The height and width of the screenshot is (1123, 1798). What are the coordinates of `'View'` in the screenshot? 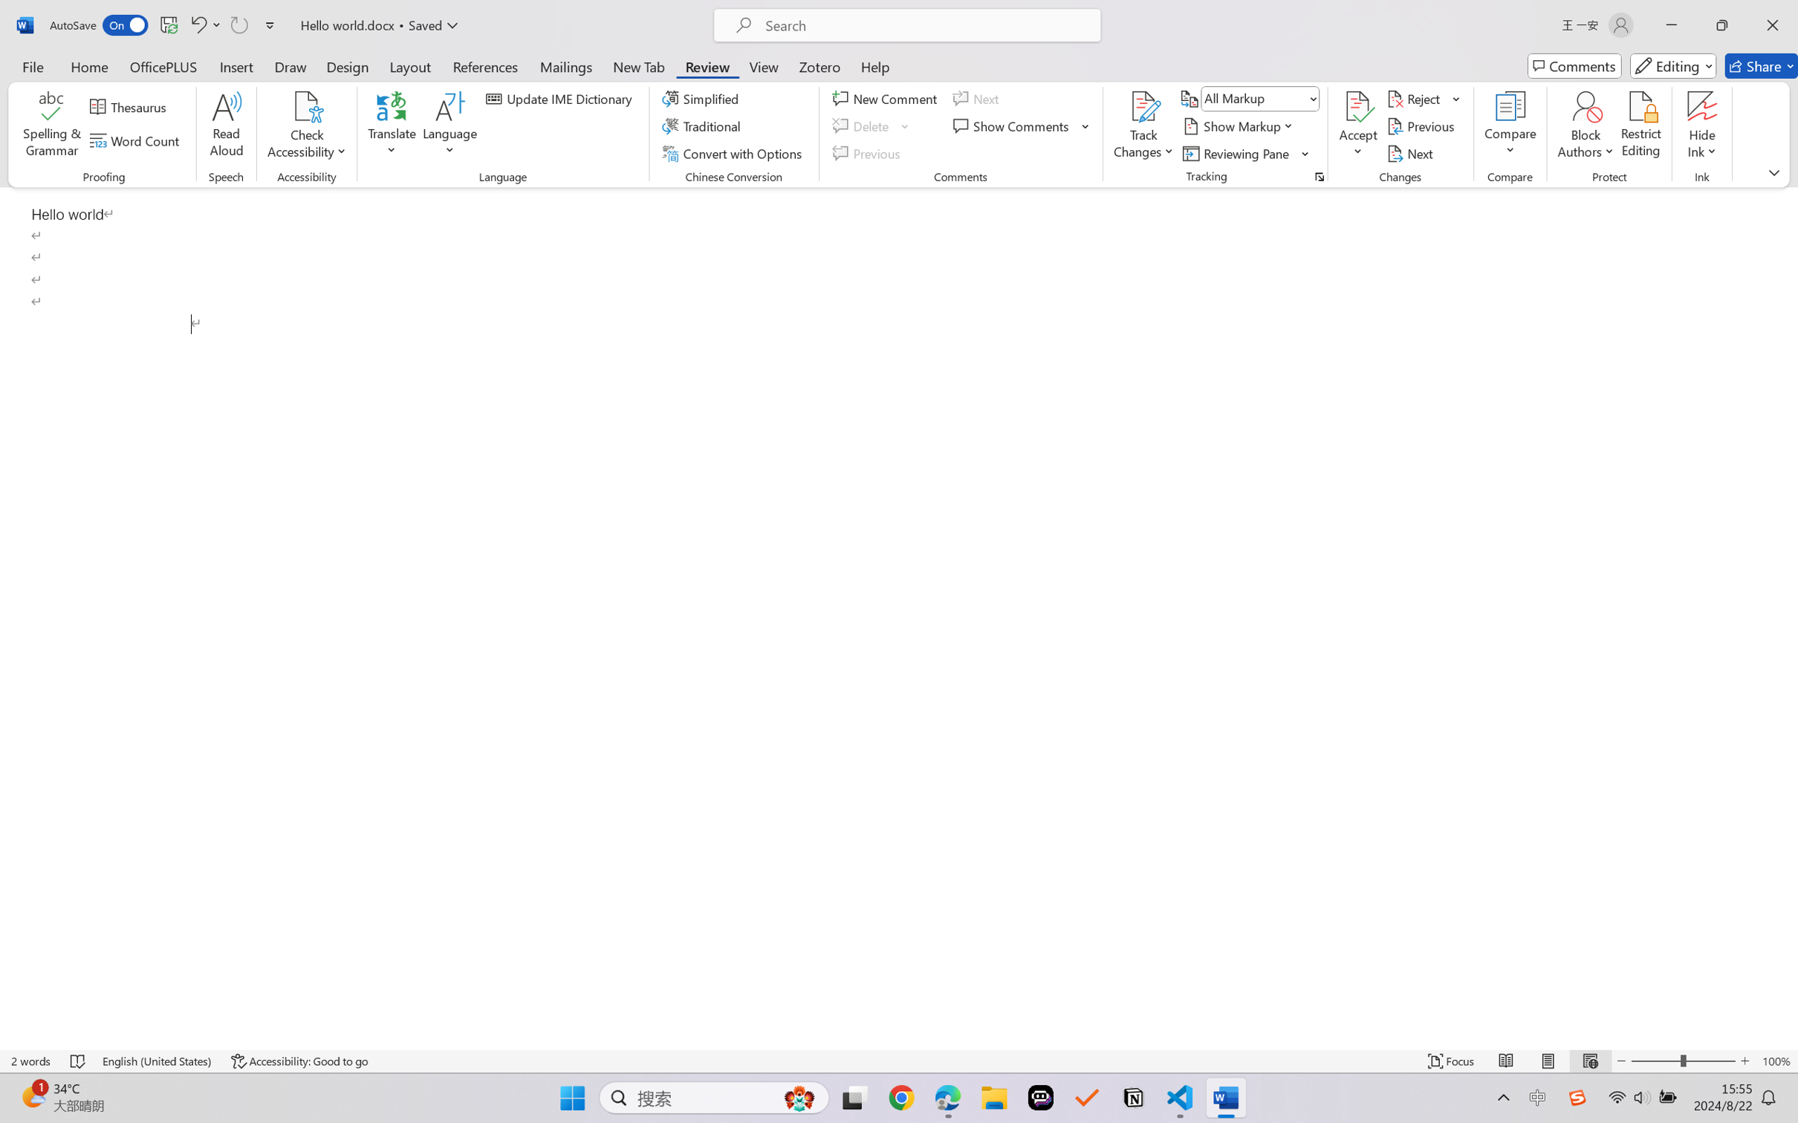 It's located at (764, 65).